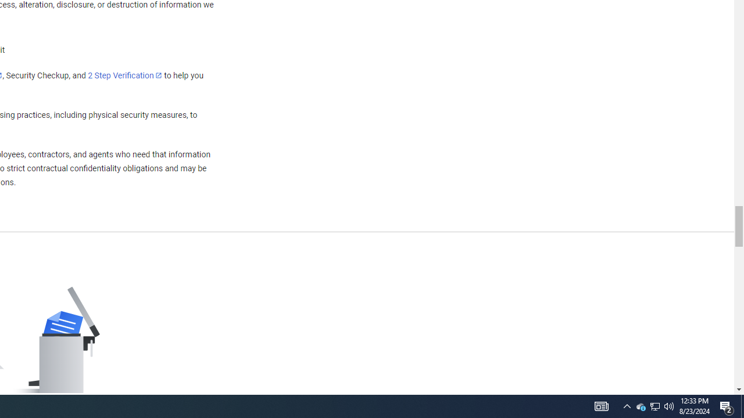 This screenshot has height=418, width=744. Describe the element at coordinates (125, 75) in the screenshot. I see `'2 Step Verification'` at that location.